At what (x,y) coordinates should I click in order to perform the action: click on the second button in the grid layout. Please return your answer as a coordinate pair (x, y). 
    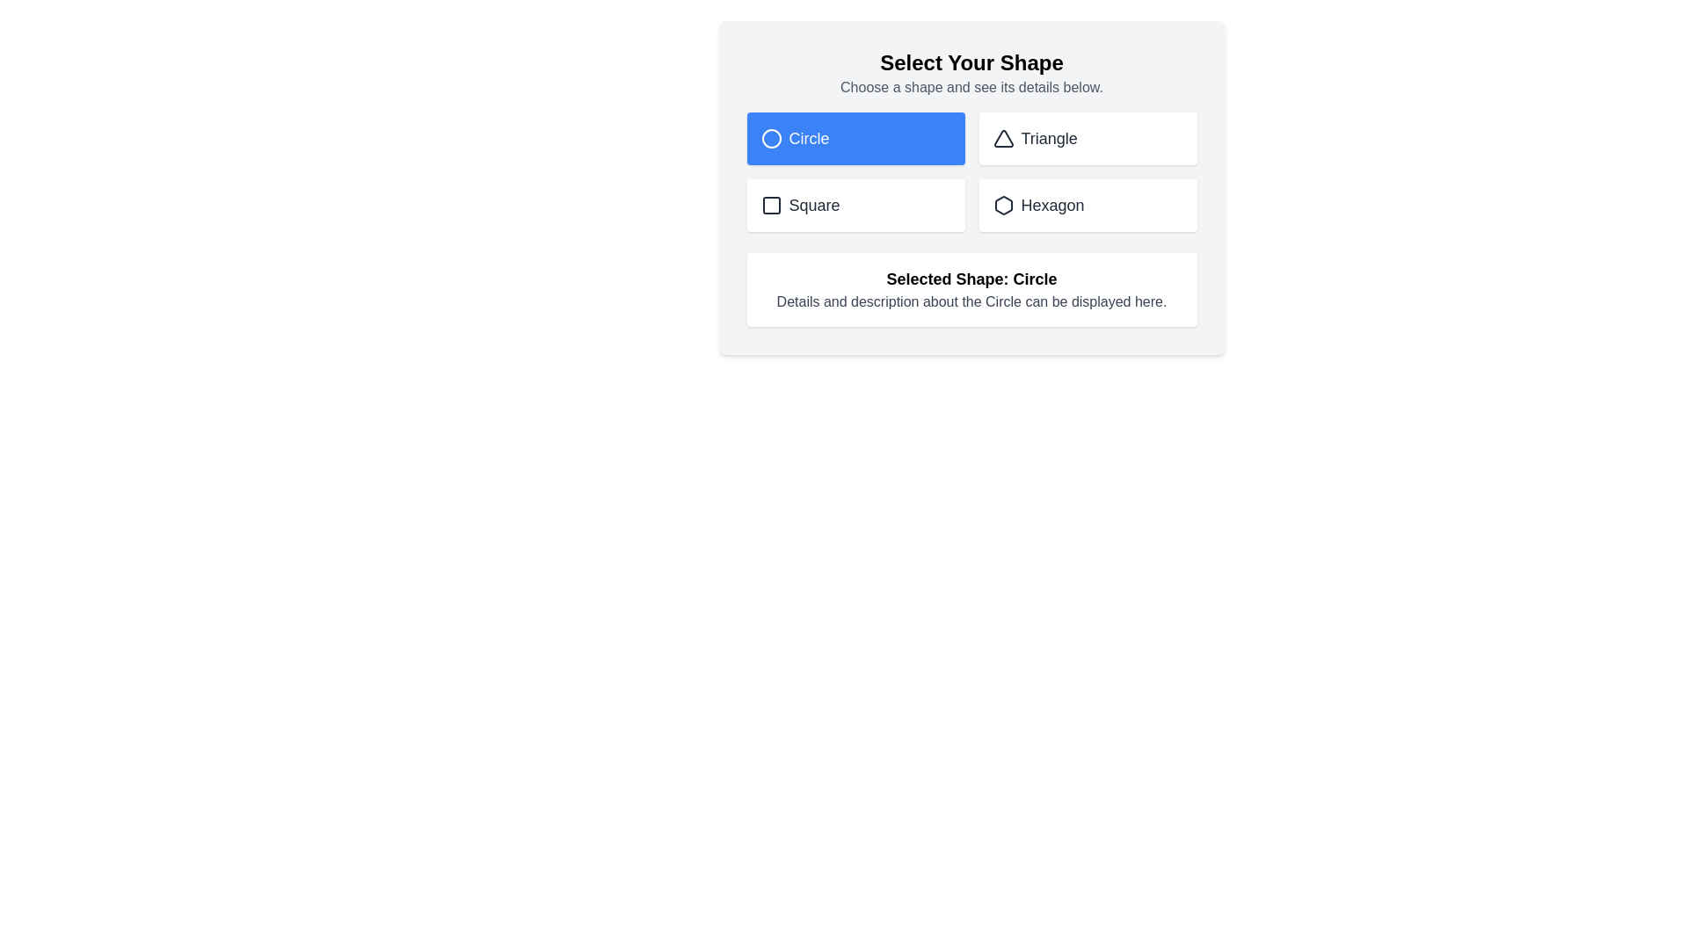
    Looking at the image, I should click on (1087, 138).